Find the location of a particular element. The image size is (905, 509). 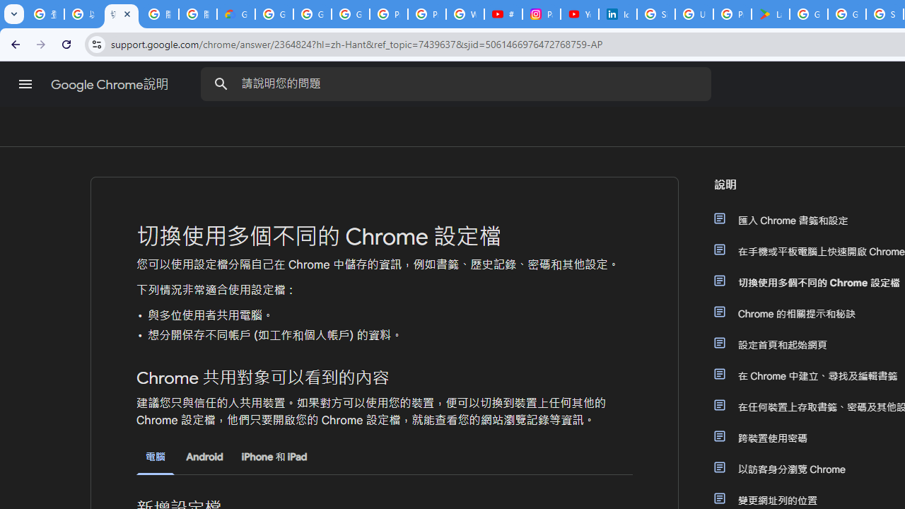

'Android' is located at coordinates (204, 457).